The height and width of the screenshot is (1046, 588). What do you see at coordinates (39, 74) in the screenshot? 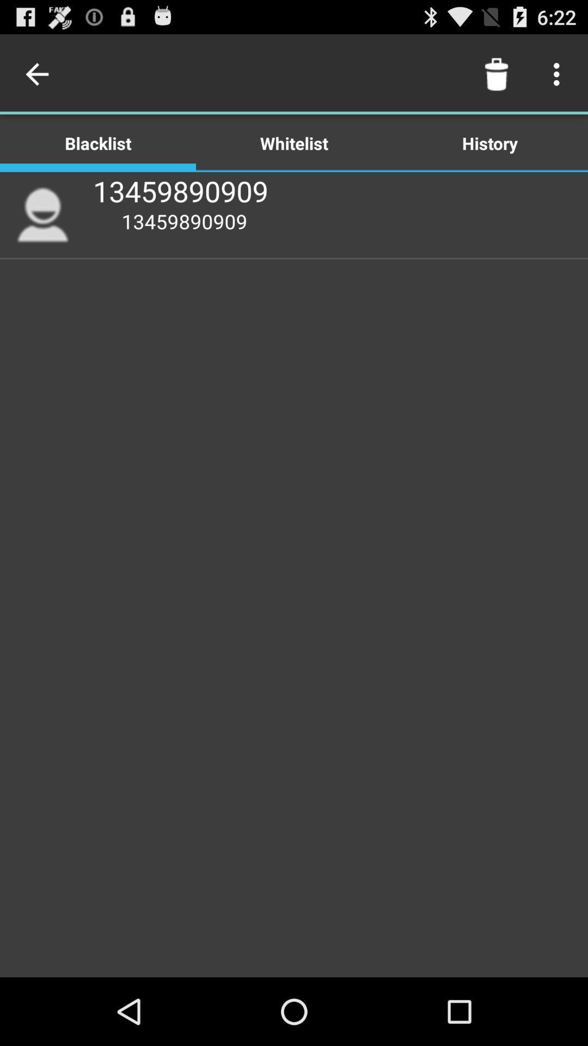
I see `the item to the left of the whitelist item` at bounding box center [39, 74].